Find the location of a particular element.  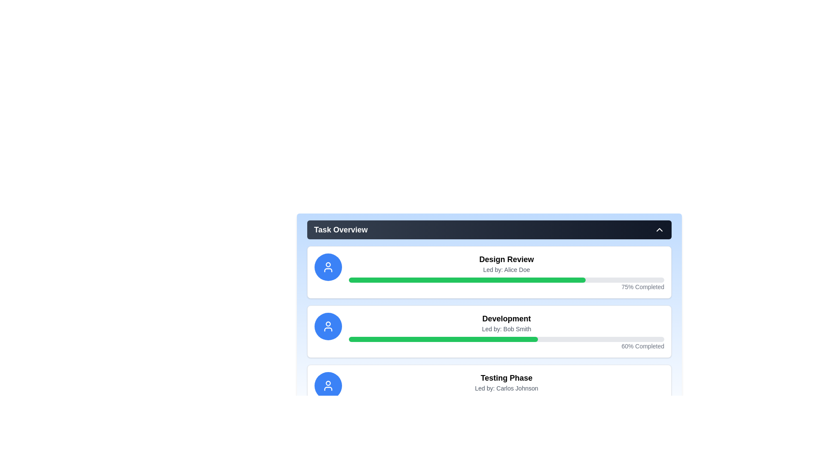

the progress bar styled as a rounded rectangle with a gray background and a green filled section, located under the 'Design Review' heading and above '75% Completed' is located at coordinates (507, 280).